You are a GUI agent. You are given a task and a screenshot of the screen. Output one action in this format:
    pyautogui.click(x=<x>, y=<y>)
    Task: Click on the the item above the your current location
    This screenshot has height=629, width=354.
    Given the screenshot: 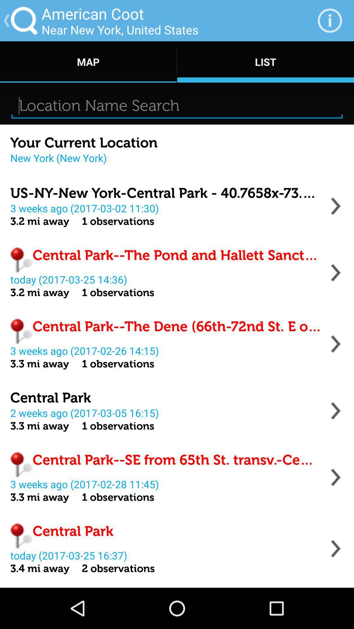 What is the action you would take?
    pyautogui.click(x=177, y=105)
    